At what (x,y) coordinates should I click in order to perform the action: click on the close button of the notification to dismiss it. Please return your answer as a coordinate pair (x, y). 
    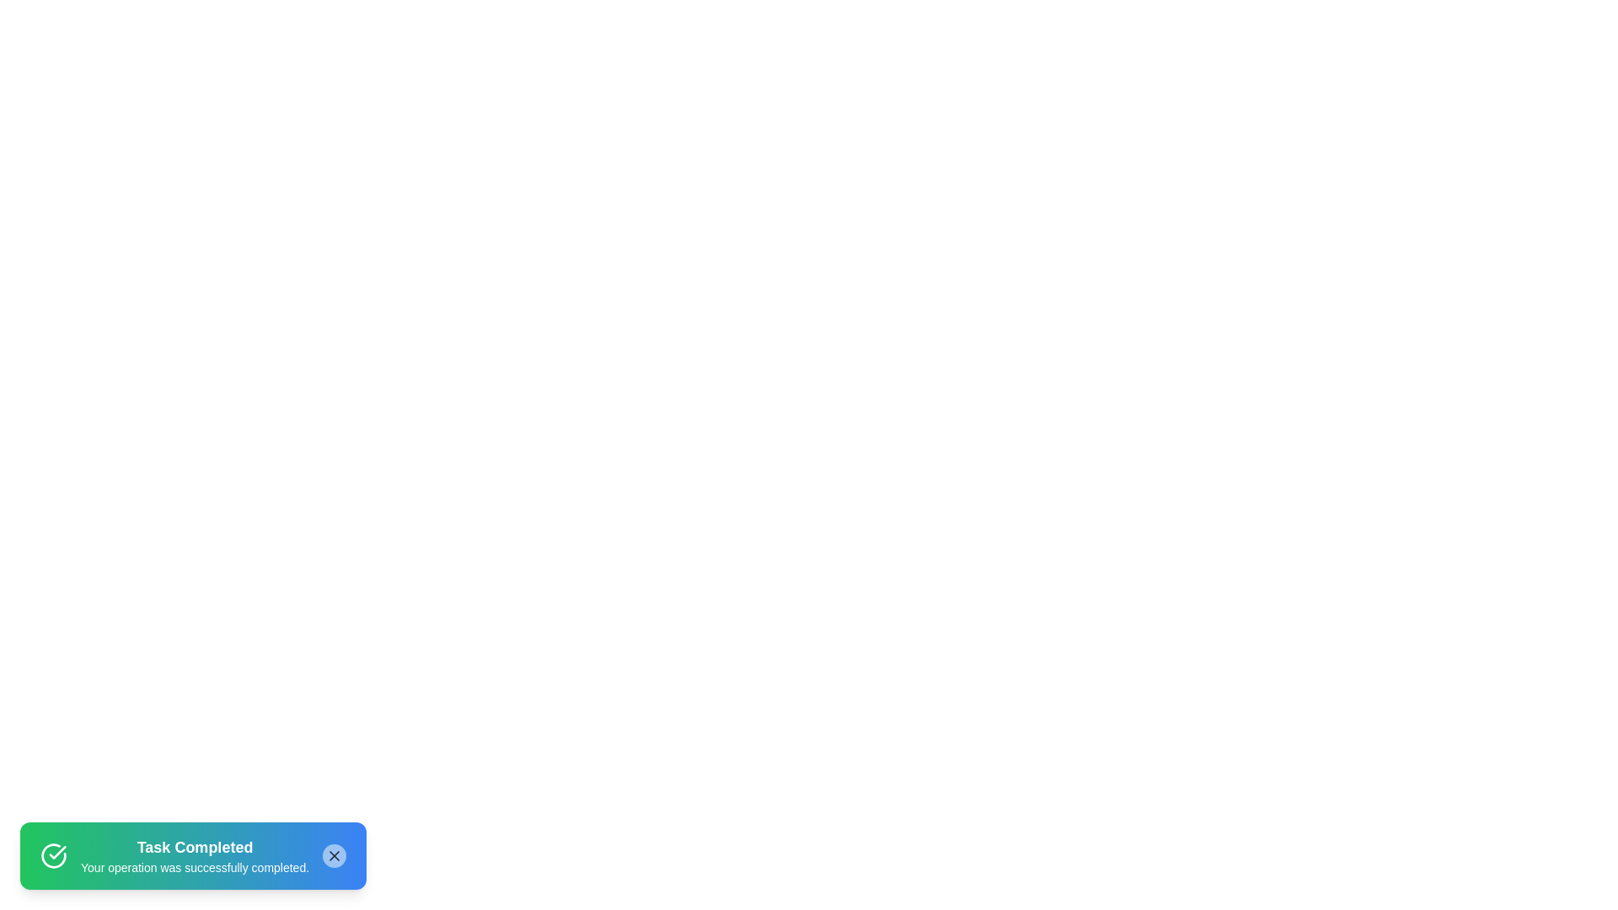
    Looking at the image, I should click on (335, 855).